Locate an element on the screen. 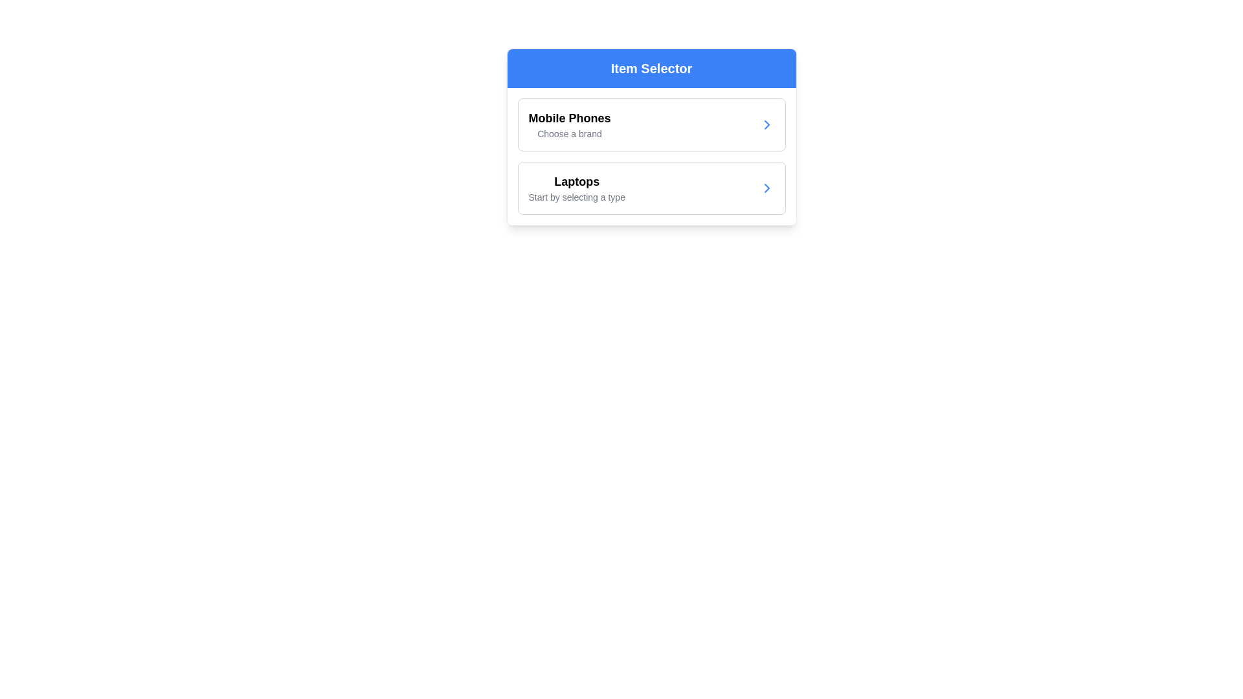  the text block labeled 'Laptops' in the second row of the category list is located at coordinates (576, 188).